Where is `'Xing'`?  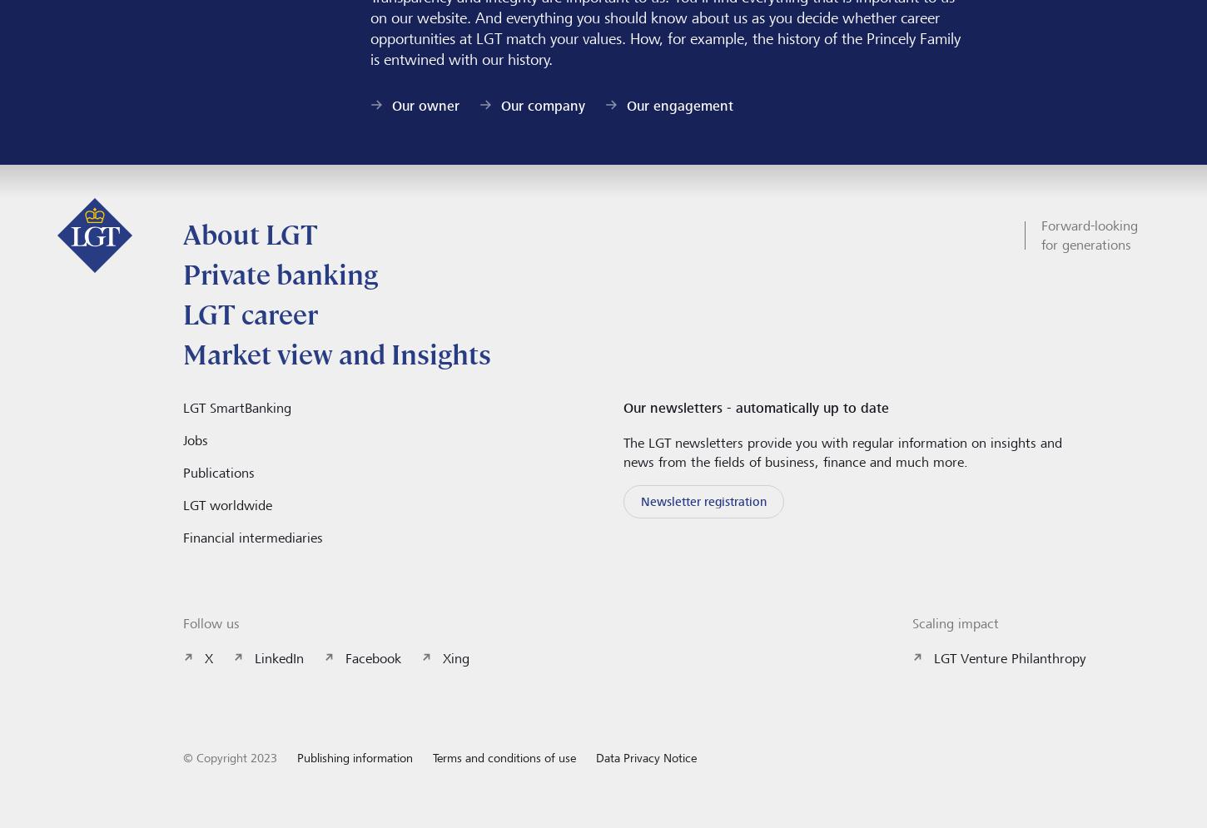 'Xing' is located at coordinates (443, 657).